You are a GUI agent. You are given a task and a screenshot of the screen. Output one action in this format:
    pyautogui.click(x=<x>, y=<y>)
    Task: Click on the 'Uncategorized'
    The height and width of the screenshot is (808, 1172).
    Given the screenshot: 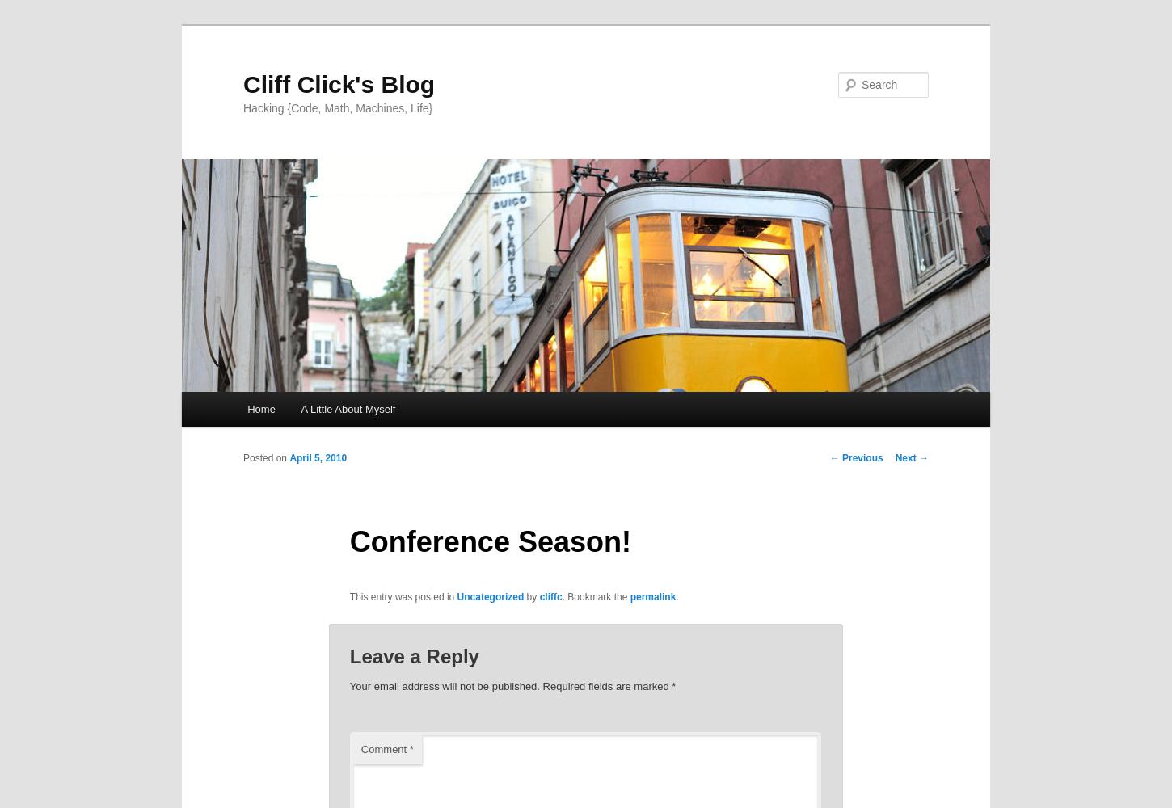 What is the action you would take?
    pyautogui.click(x=489, y=595)
    